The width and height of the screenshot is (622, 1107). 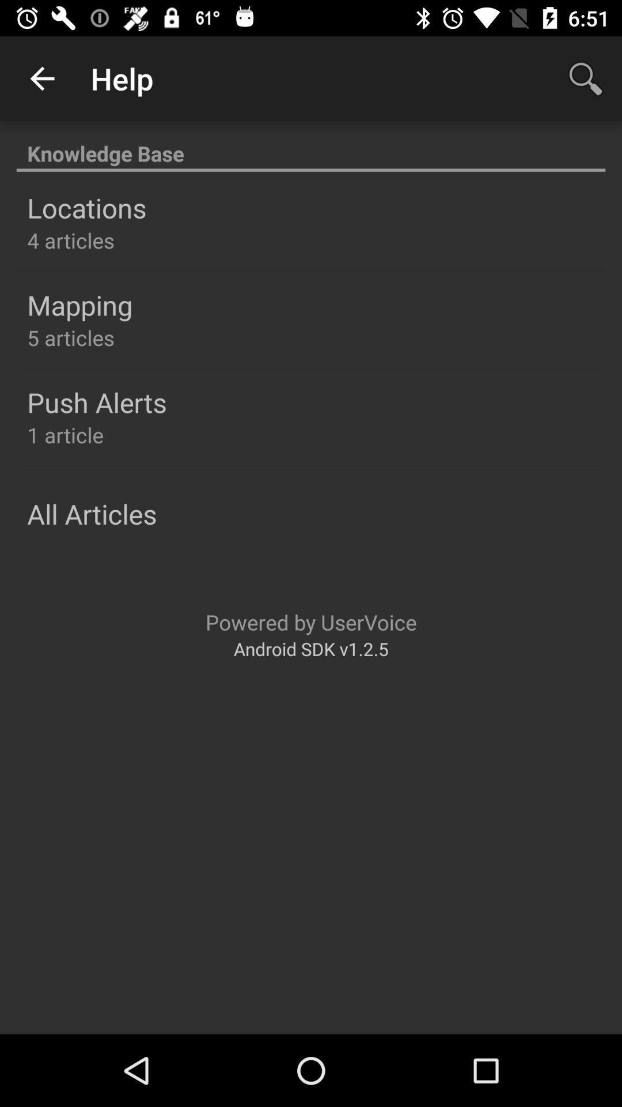 What do you see at coordinates (79, 305) in the screenshot?
I see `the mapping` at bounding box center [79, 305].